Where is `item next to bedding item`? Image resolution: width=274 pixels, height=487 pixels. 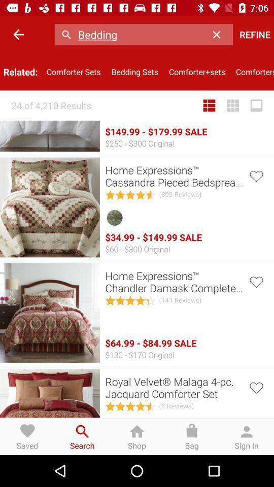 item next to bedding item is located at coordinates (219, 34).